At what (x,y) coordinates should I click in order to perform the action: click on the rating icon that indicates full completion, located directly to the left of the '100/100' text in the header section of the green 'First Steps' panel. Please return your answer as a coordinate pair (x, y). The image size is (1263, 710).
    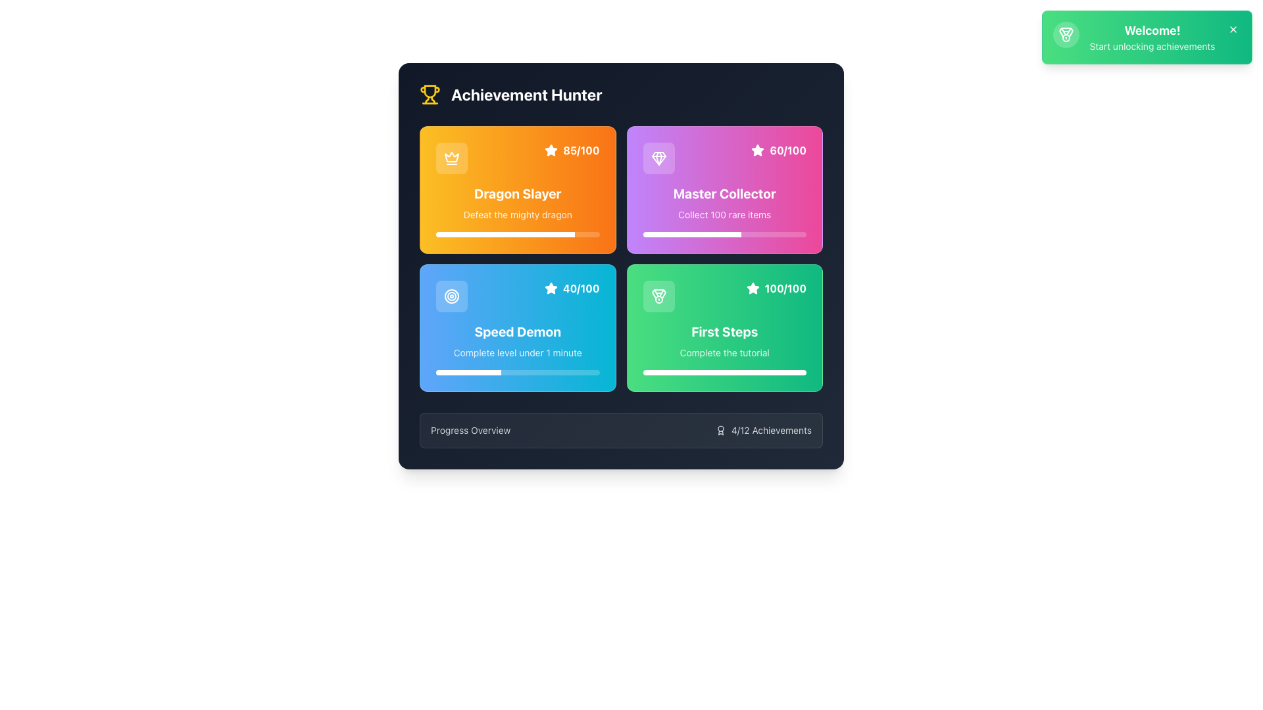
    Looking at the image, I should click on (753, 288).